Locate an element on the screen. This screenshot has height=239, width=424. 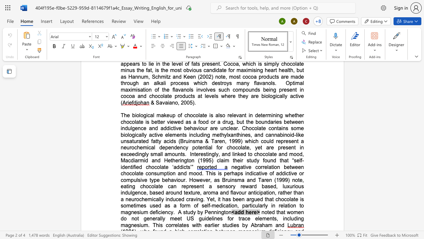
the space between the continuous character "g" and "t" in the text is located at coordinates (224, 212).